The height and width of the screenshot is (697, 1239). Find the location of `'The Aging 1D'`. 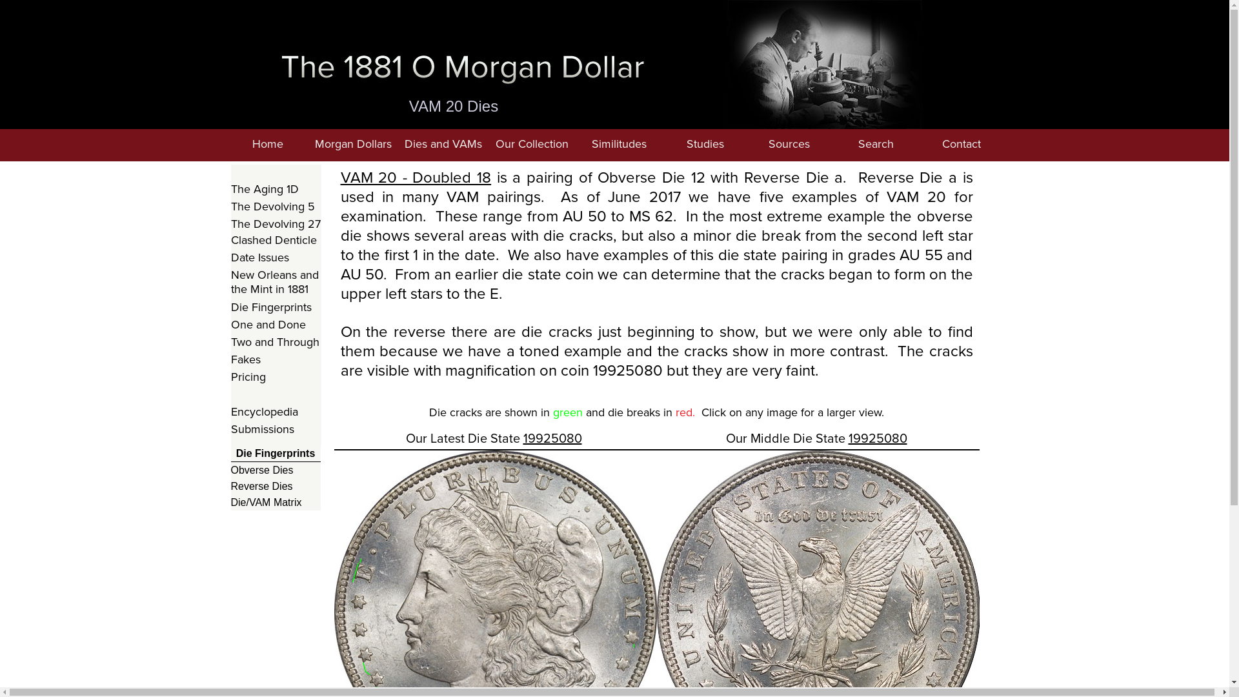

'The Aging 1D' is located at coordinates (275, 189).